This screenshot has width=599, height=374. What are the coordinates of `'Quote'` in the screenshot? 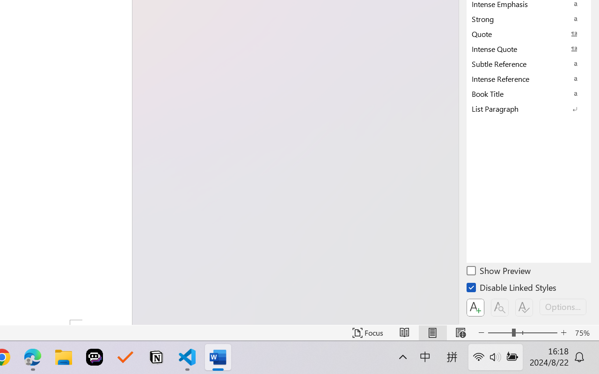 It's located at (529, 34).